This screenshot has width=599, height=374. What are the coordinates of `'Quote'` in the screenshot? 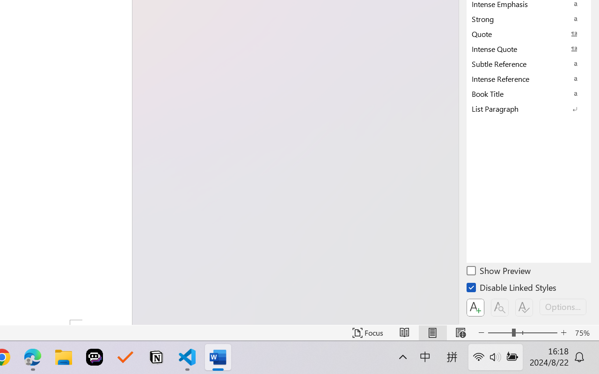 It's located at (529, 34).